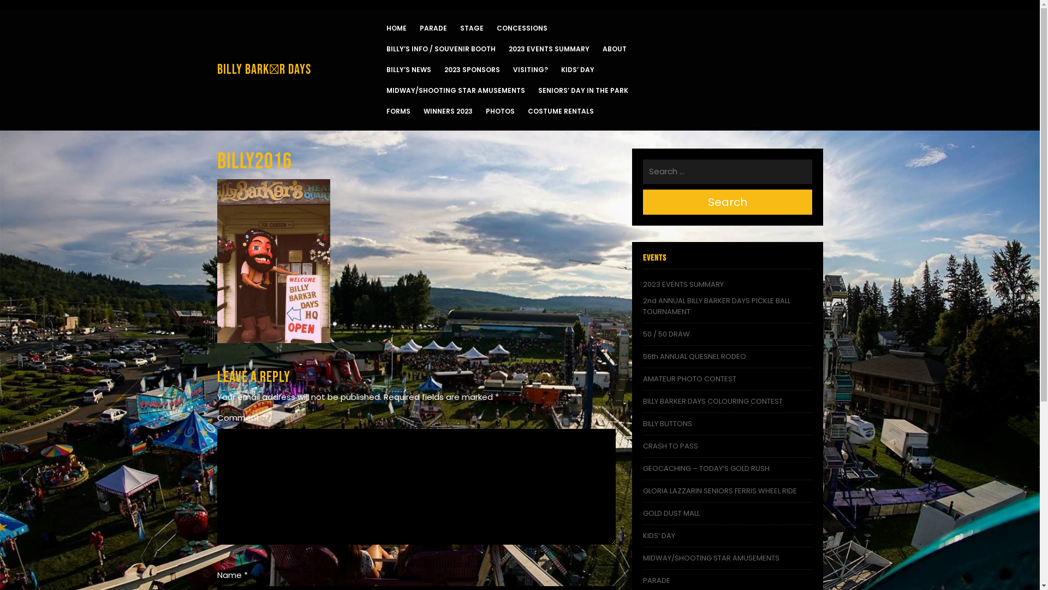 This screenshot has height=590, width=1048. I want to click on 'AMATEUR PHOTO CONTEST', so click(642, 378).